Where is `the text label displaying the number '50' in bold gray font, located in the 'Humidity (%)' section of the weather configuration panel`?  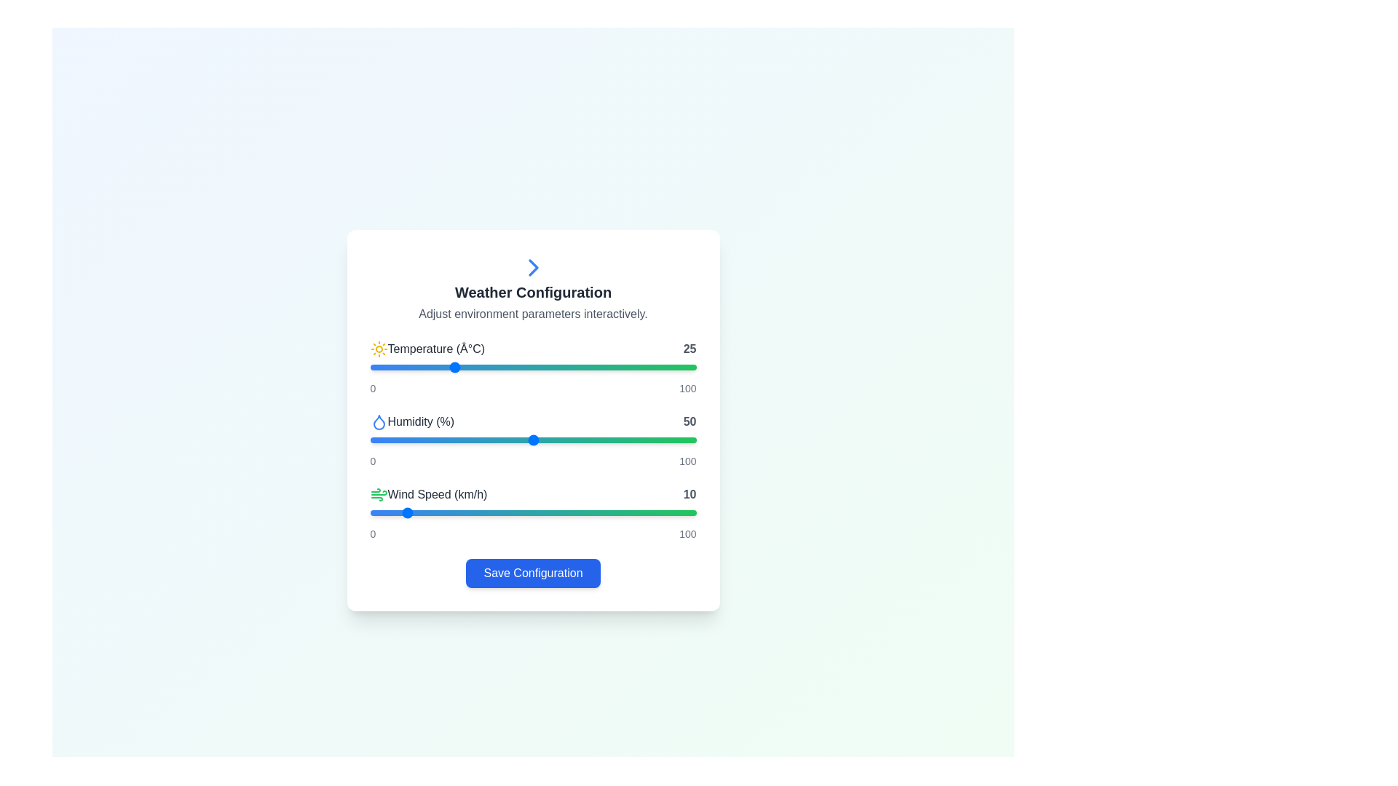 the text label displaying the number '50' in bold gray font, located in the 'Humidity (%)' section of the weather configuration panel is located at coordinates (689, 421).